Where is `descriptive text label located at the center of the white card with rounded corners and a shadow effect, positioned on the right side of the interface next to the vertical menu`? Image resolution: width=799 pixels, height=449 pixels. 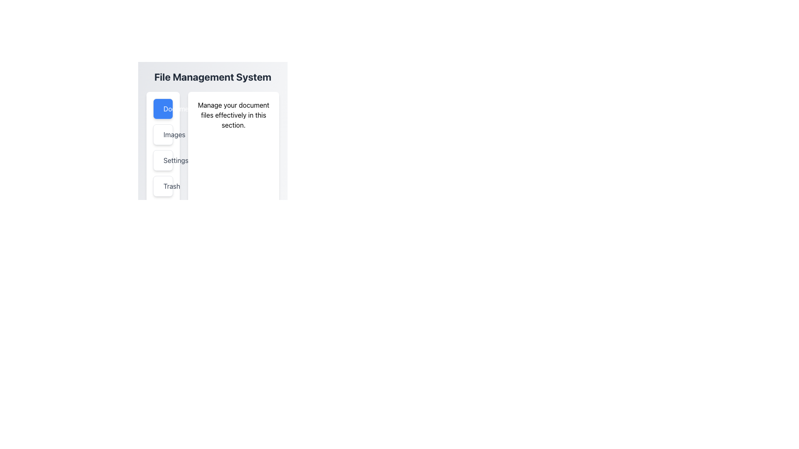
descriptive text label located at the center of the white card with rounded corners and a shadow effect, positioned on the right side of the interface next to the vertical menu is located at coordinates (233, 115).